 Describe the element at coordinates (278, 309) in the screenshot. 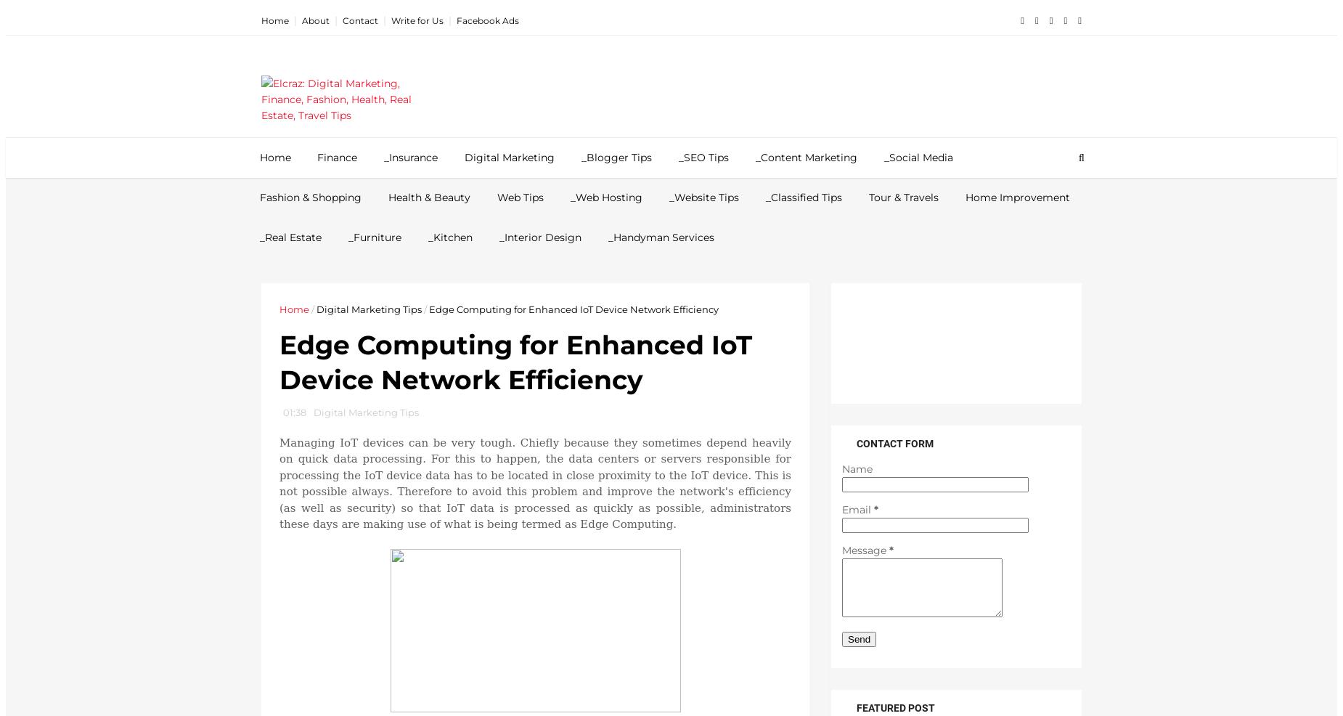

I see `'Home'` at that location.